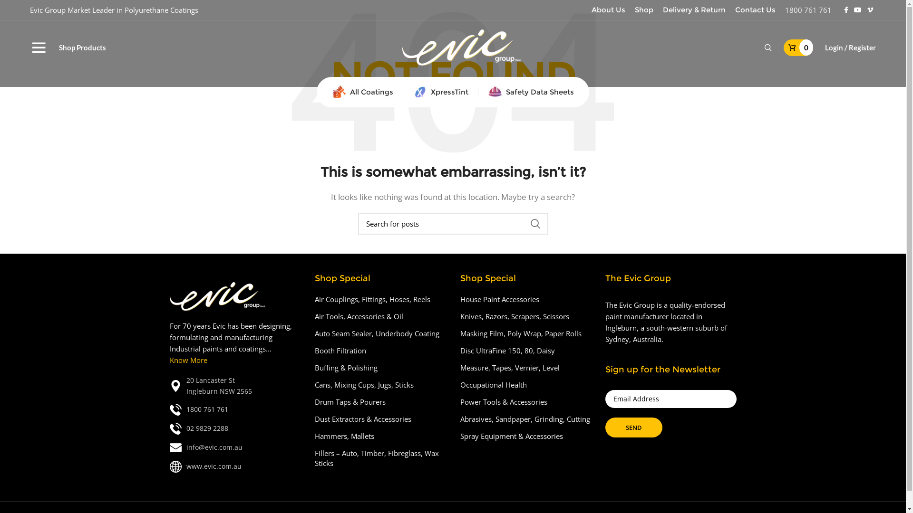 The width and height of the screenshot is (913, 513). Describe the element at coordinates (460, 402) in the screenshot. I see `'Power Tools & Accessories'` at that location.